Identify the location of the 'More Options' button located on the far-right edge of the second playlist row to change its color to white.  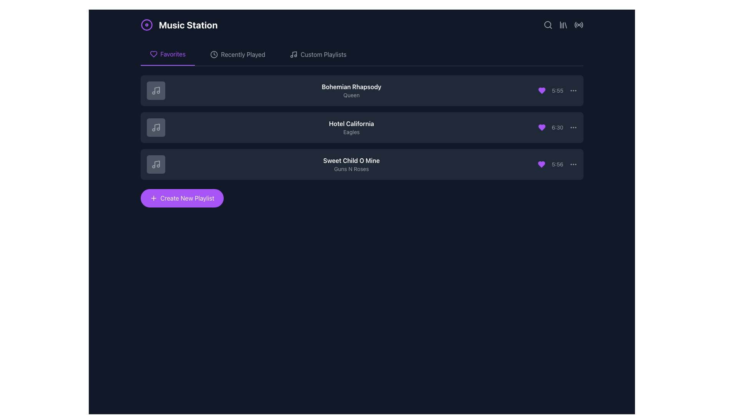
(573, 127).